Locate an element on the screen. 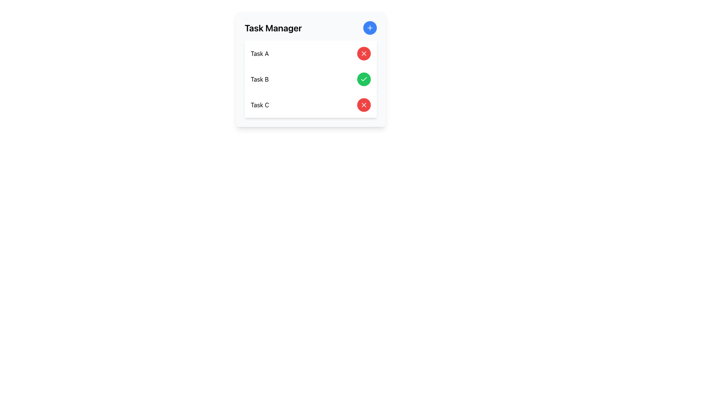  the text label displaying 'Task C' which is centered in the third row of a card, located on a white background with rounded corners is located at coordinates (260, 105).